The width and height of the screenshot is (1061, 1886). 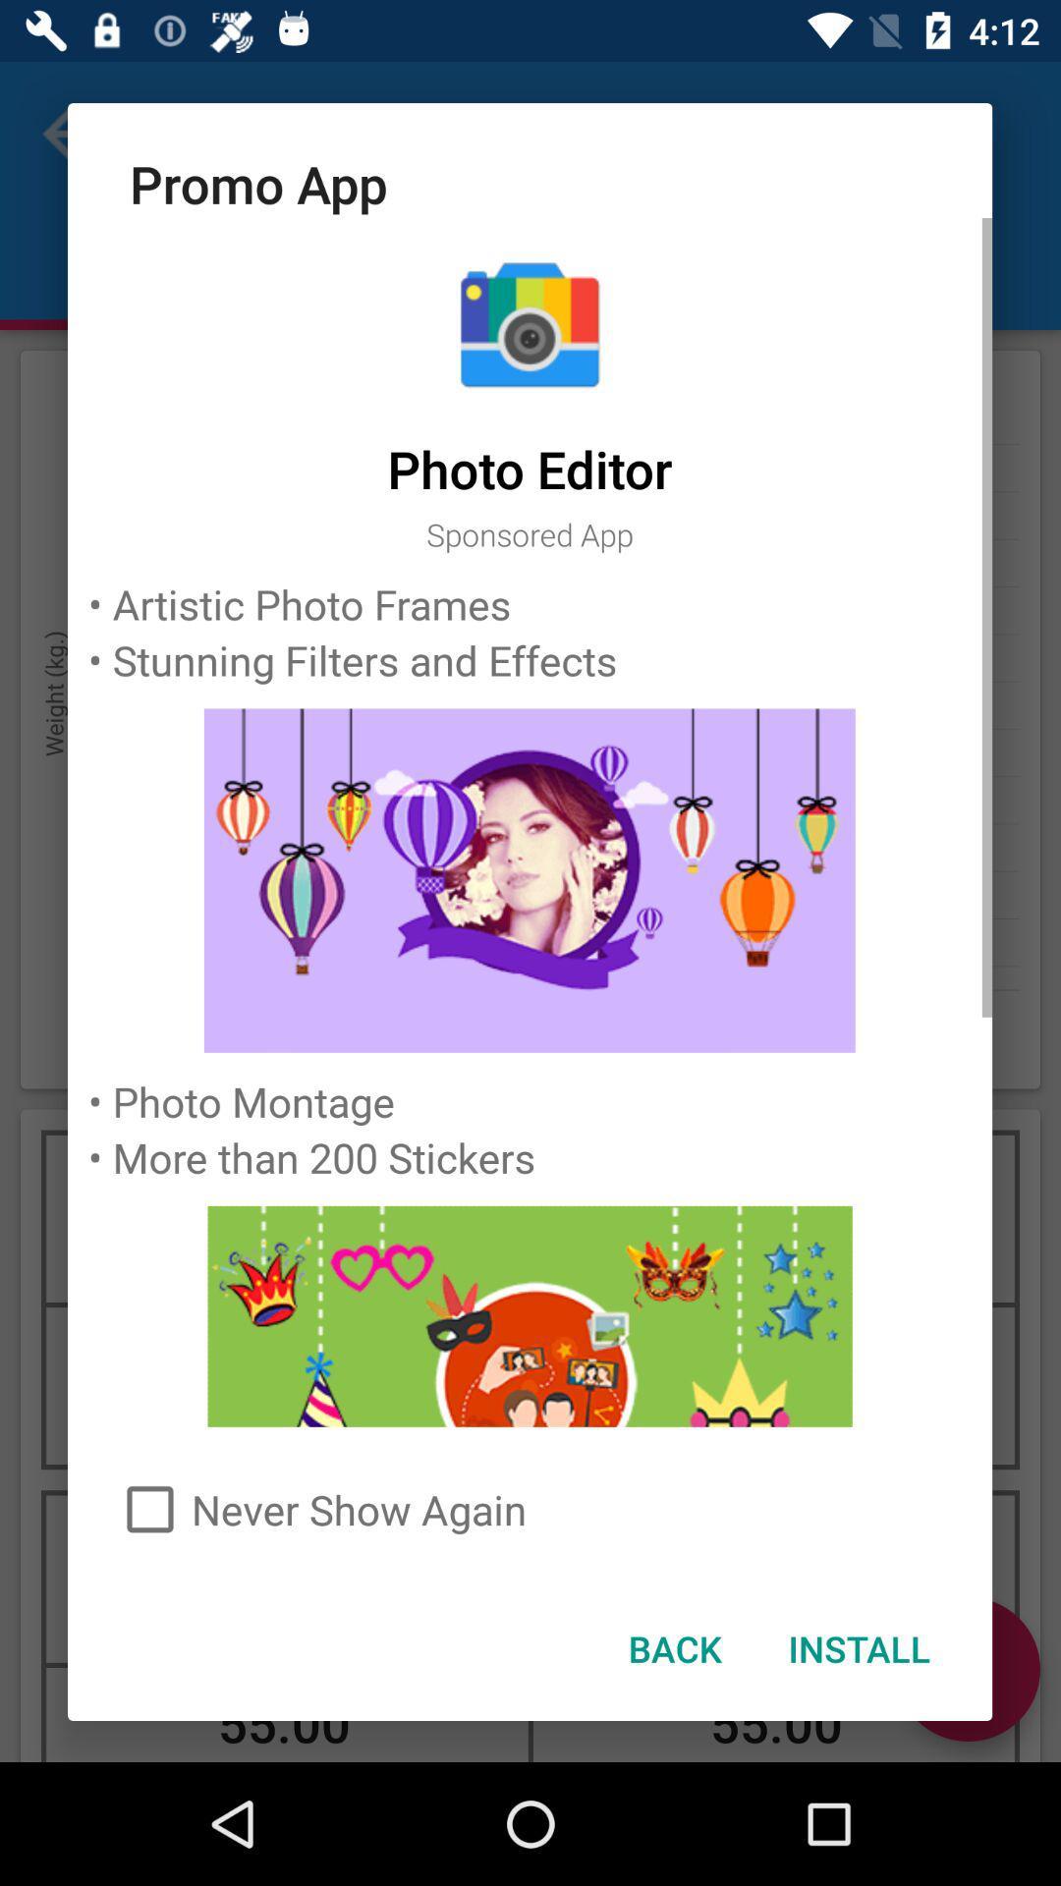 What do you see at coordinates (673, 1648) in the screenshot?
I see `the back item` at bounding box center [673, 1648].